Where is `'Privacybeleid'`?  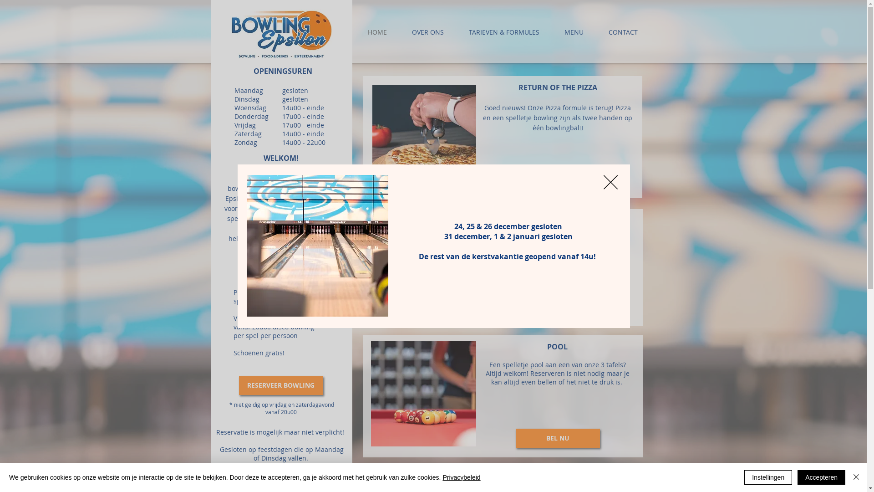
'Privacybeleid' is located at coordinates (461, 477).